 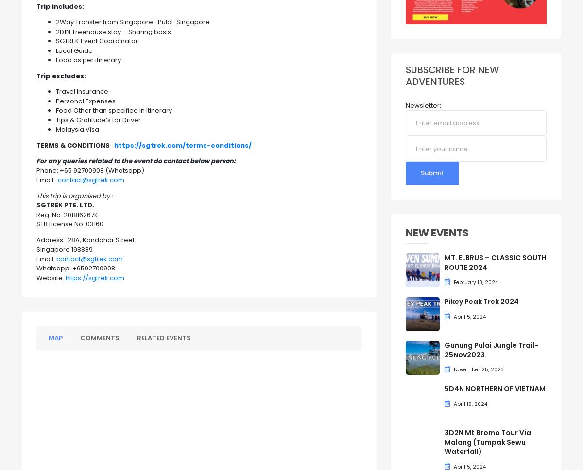 What do you see at coordinates (46, 258) in the screenshot?
I see `'Email:'` at bounding box center [46, 258].